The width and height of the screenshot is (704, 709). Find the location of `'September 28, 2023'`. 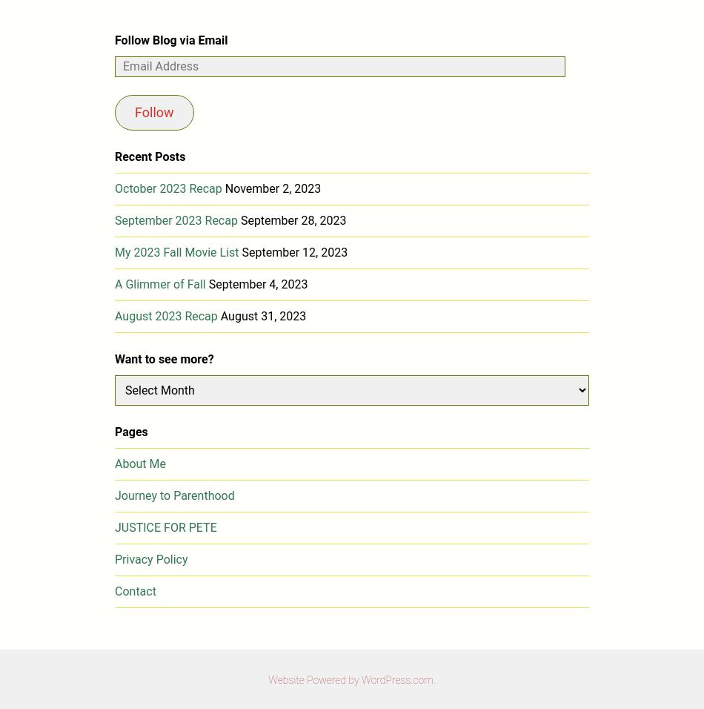

'September 28, 2023' is located at coordinates (292, 219).